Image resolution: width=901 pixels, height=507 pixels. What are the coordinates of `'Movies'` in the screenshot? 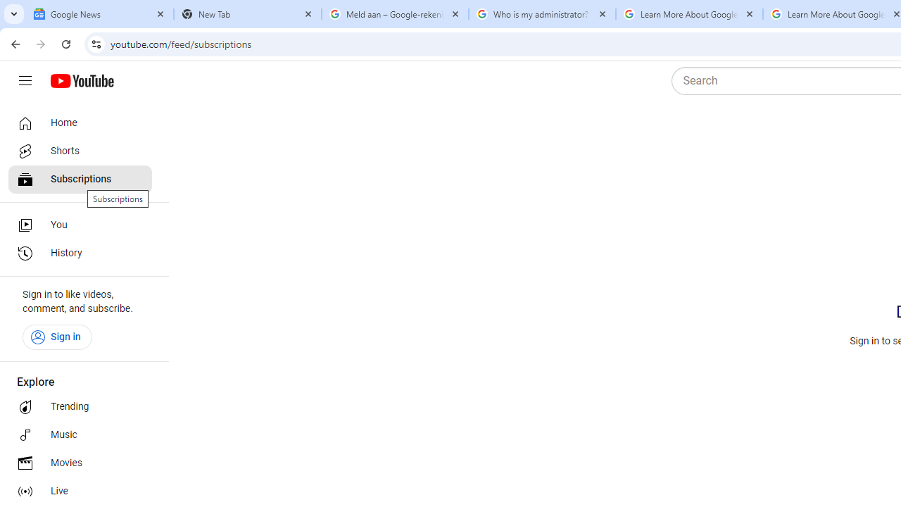 It's located at (79, 463).